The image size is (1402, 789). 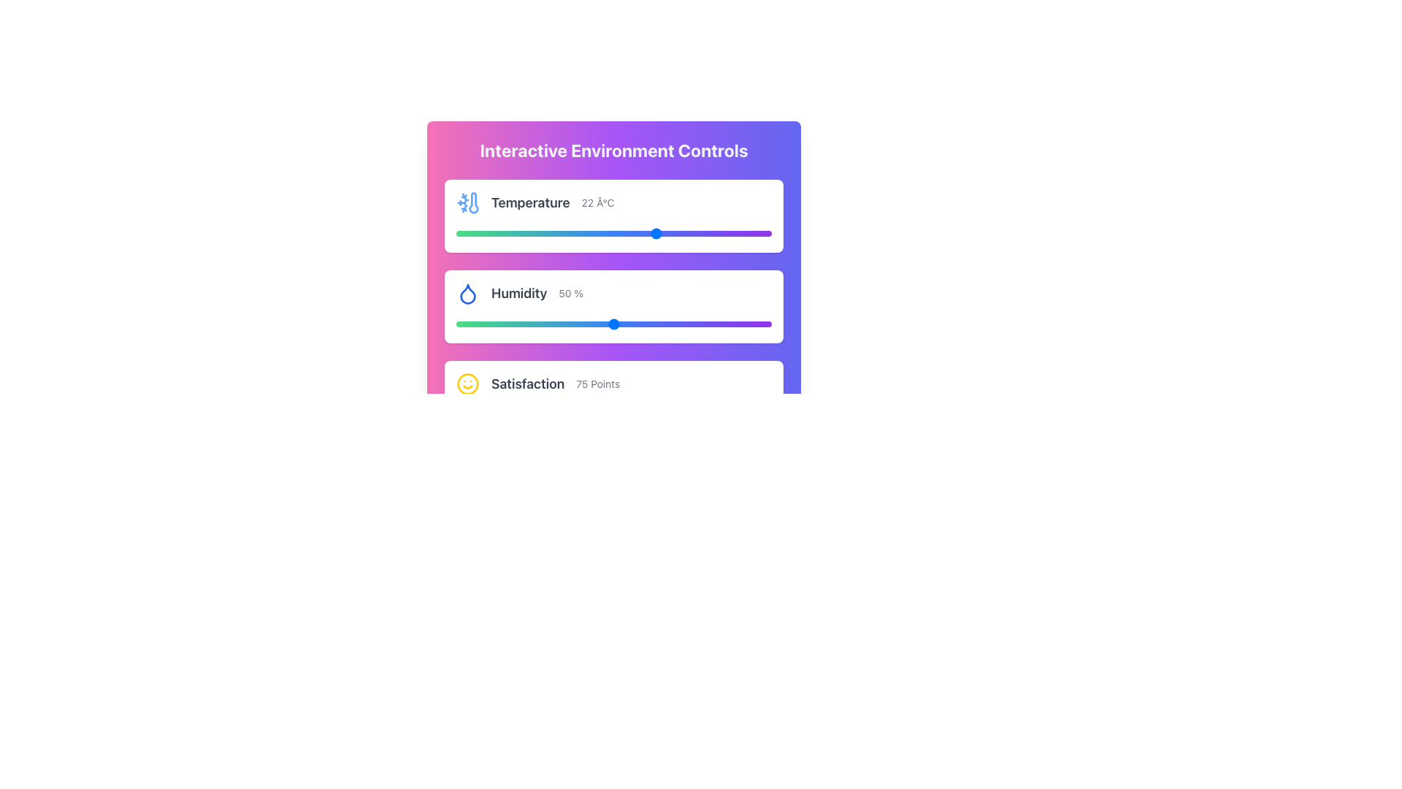 What do you see at coordinates (556, 323) in the screenshot?
I see `humidity` at bounding box center [556, 323].